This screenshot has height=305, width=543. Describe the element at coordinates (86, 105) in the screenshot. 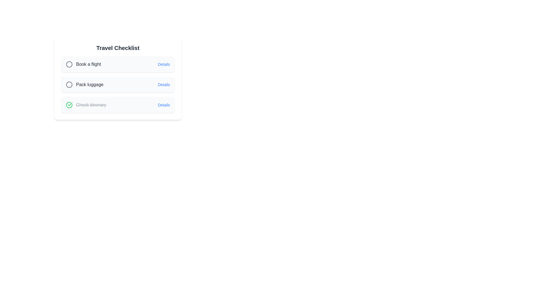

I see `the checkbox icon of the first completed task in the 'Travel Checklist', which visually indicates its completed status` at that location.